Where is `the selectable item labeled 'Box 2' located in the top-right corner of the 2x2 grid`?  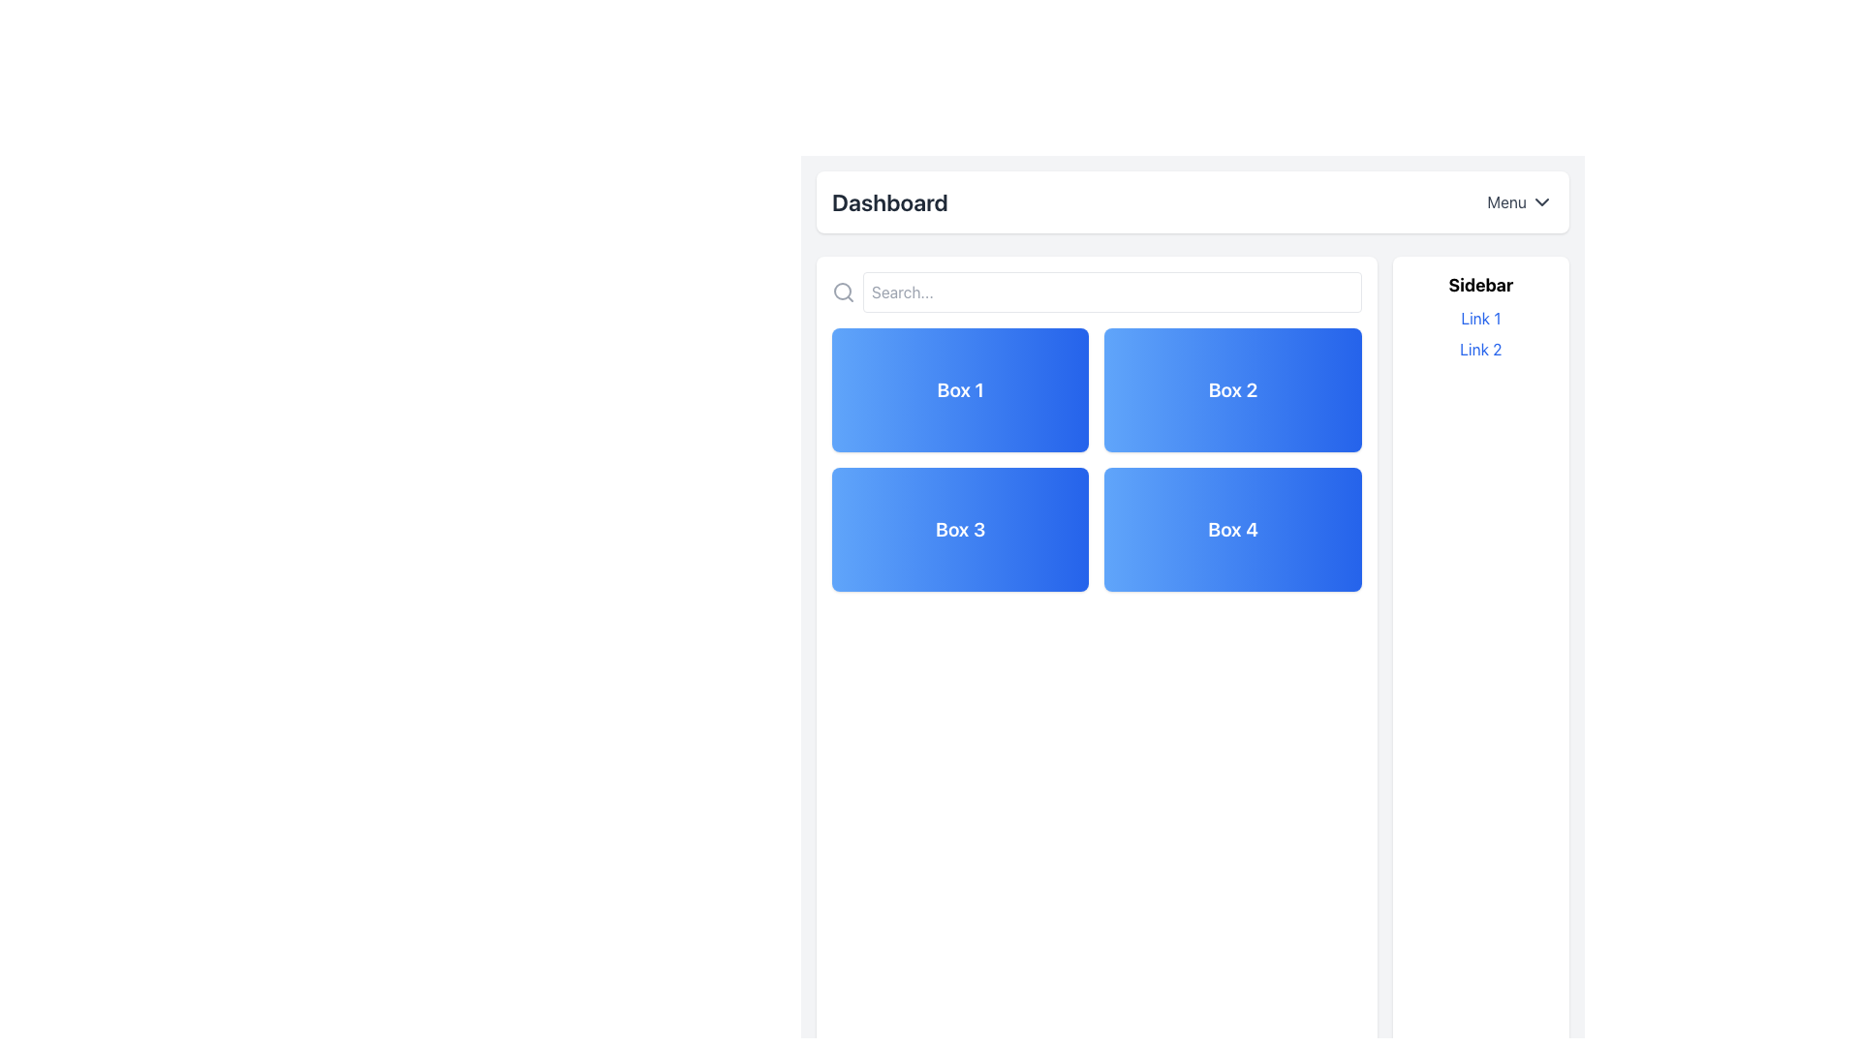
the selectable item labeled 'Box 2' located in the top-right corner of the 2x2 grid is located at coordinates (1232, 389).